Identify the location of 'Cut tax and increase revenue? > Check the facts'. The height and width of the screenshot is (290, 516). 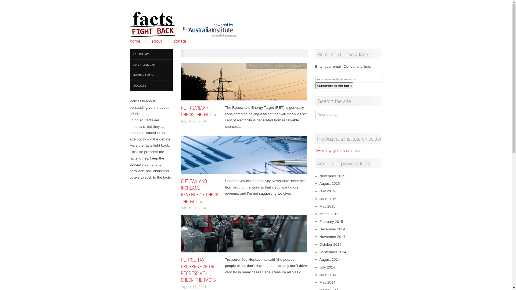
(243, 157).